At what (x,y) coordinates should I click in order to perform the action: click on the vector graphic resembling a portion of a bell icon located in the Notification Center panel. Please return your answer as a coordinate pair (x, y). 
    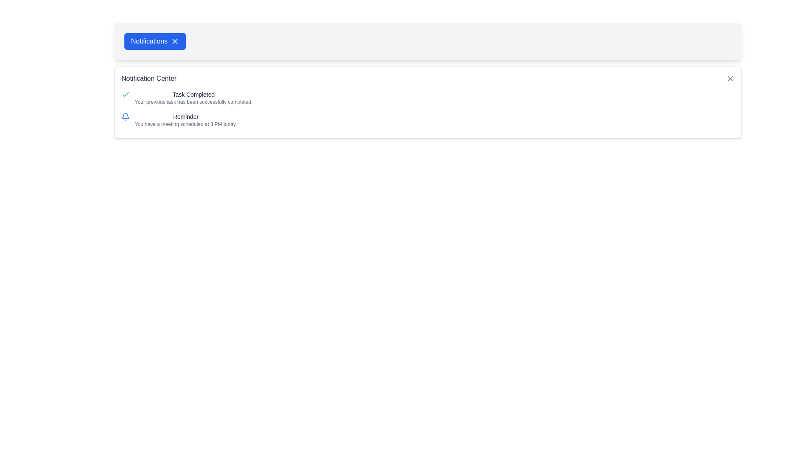
    Looking at the image, I should click on (125, 116).